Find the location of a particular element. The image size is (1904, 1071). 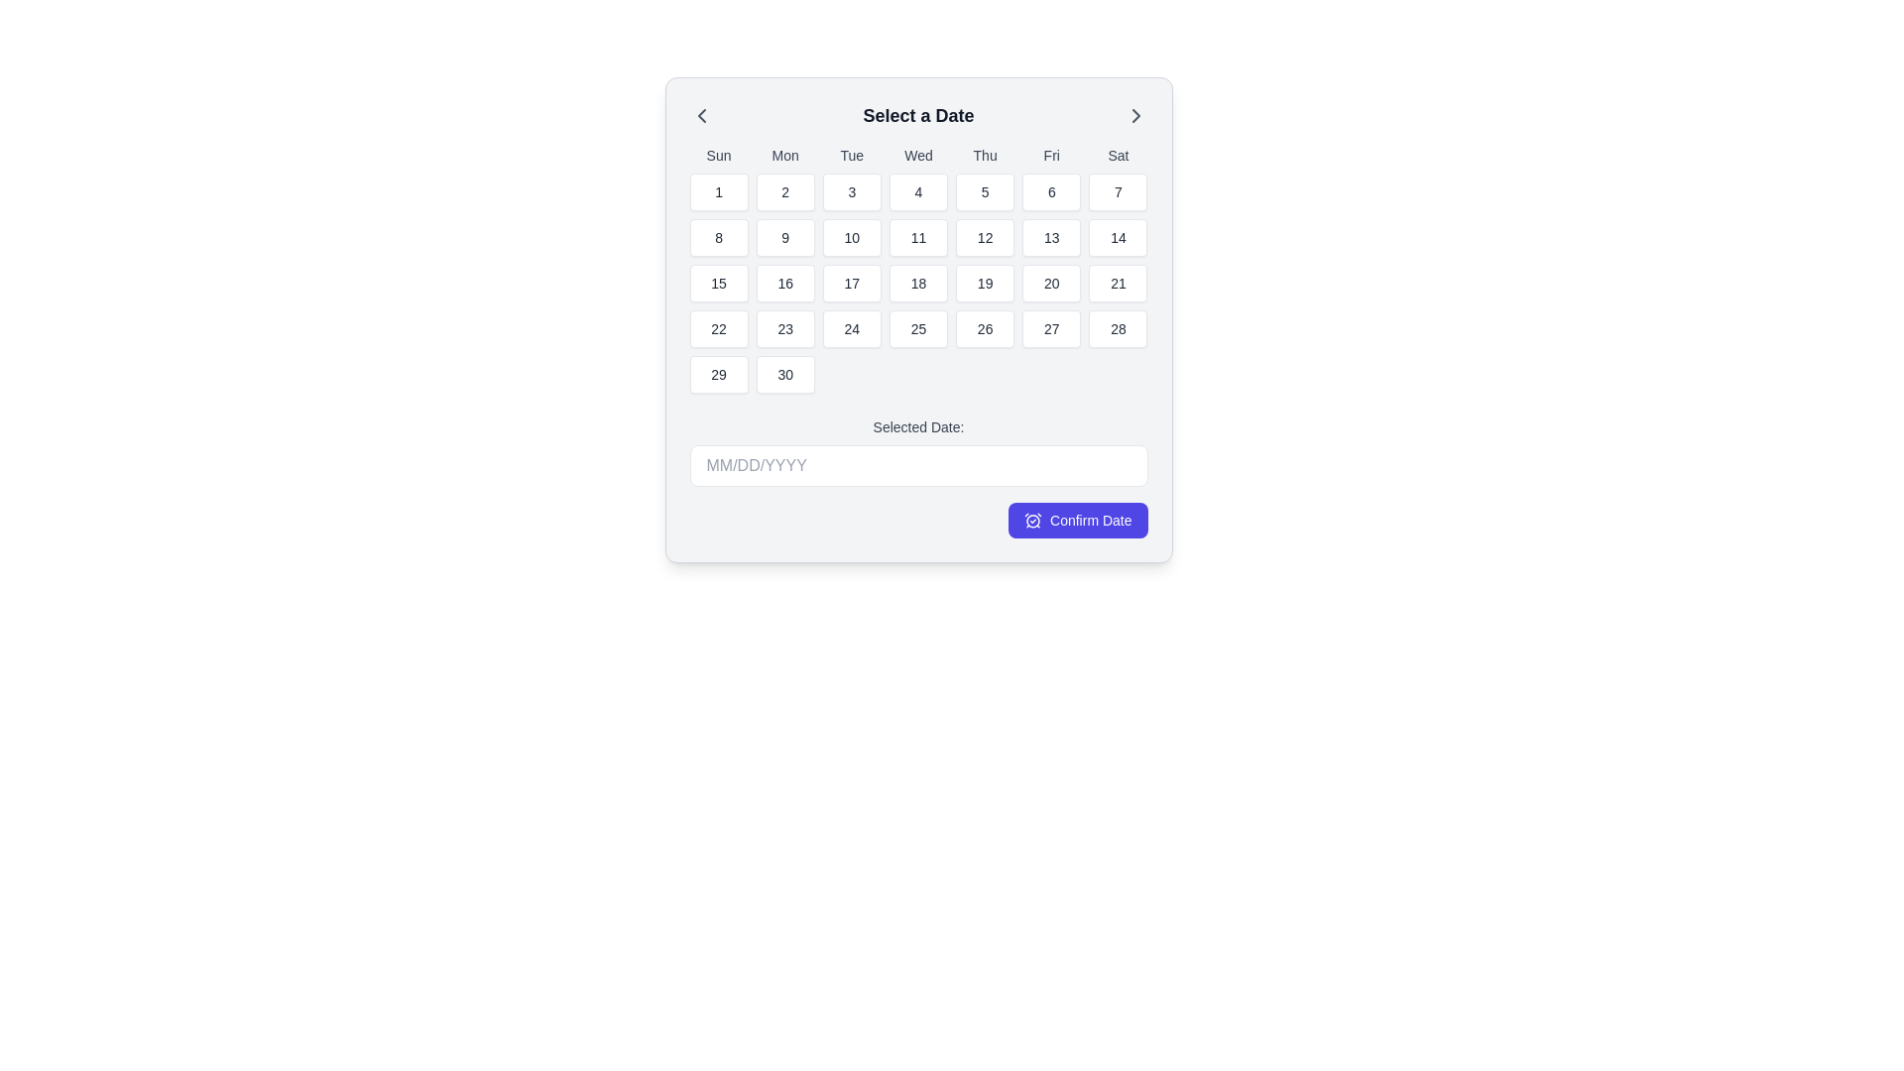

the white rectangular button with rounded corners containing the number '18' is located at coordinates (917, 283).